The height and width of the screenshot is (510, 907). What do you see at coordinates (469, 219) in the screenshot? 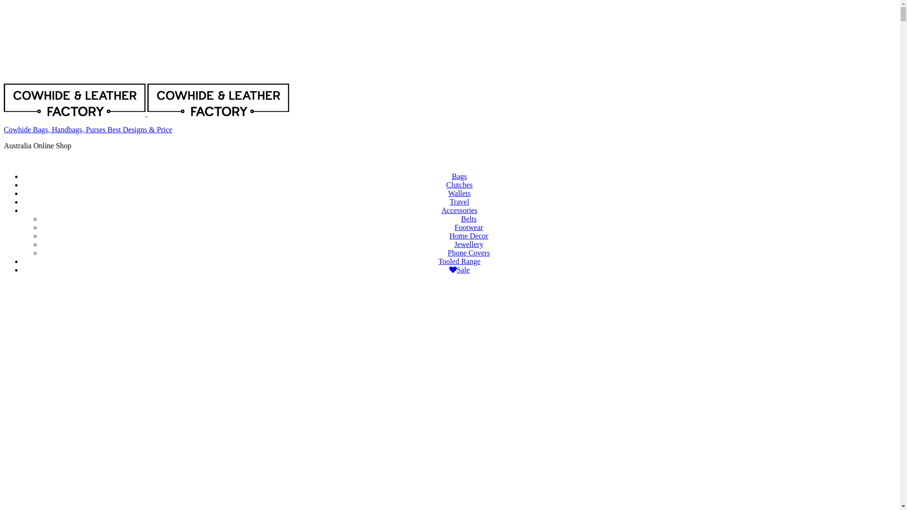
I see `'Belts'` at bounding box center [469, 219].